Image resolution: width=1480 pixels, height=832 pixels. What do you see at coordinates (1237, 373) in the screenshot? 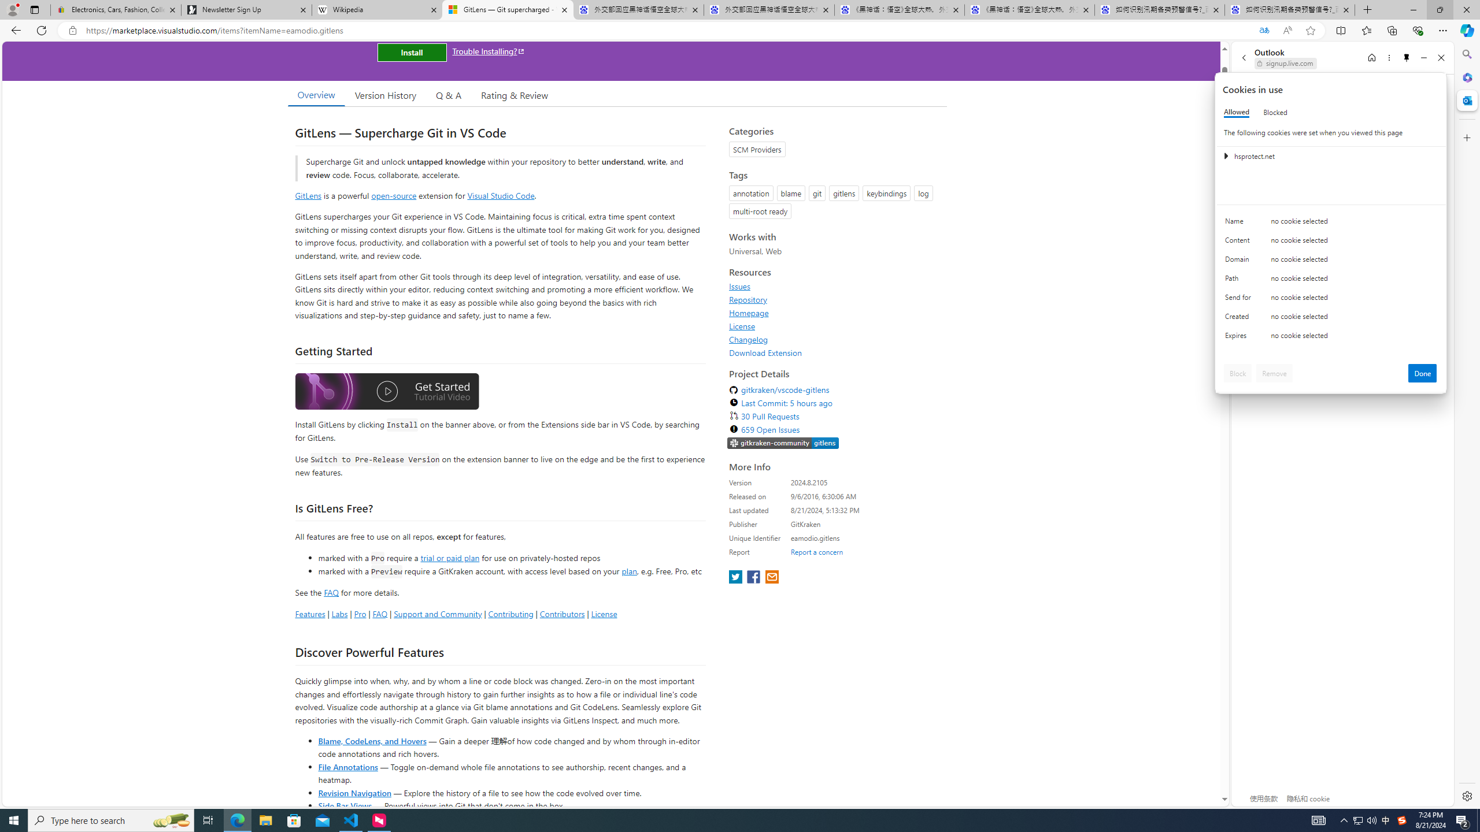
I see `'Block'` at bounding box center [1237, 373].